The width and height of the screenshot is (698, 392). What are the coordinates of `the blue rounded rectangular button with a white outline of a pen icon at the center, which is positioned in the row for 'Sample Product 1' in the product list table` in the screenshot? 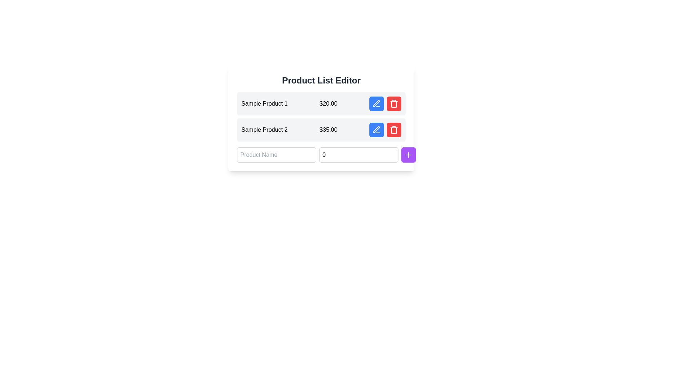 It's located at (377, 103).